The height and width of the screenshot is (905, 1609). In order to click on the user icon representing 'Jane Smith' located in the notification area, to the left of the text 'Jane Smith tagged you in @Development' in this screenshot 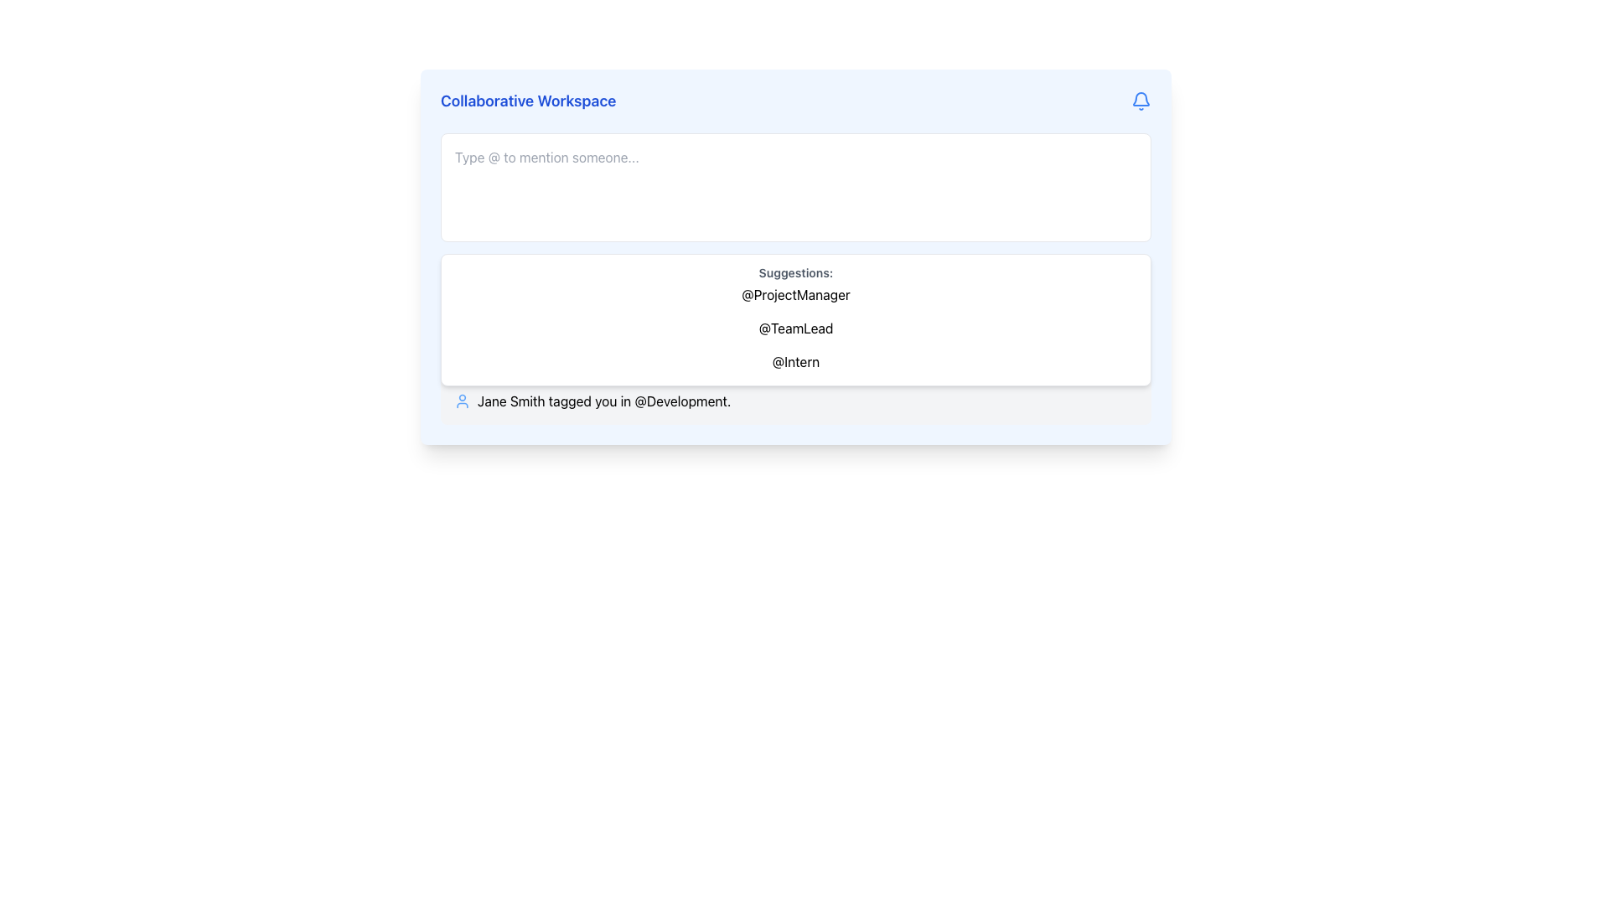, I will do `click(463, 401)`.